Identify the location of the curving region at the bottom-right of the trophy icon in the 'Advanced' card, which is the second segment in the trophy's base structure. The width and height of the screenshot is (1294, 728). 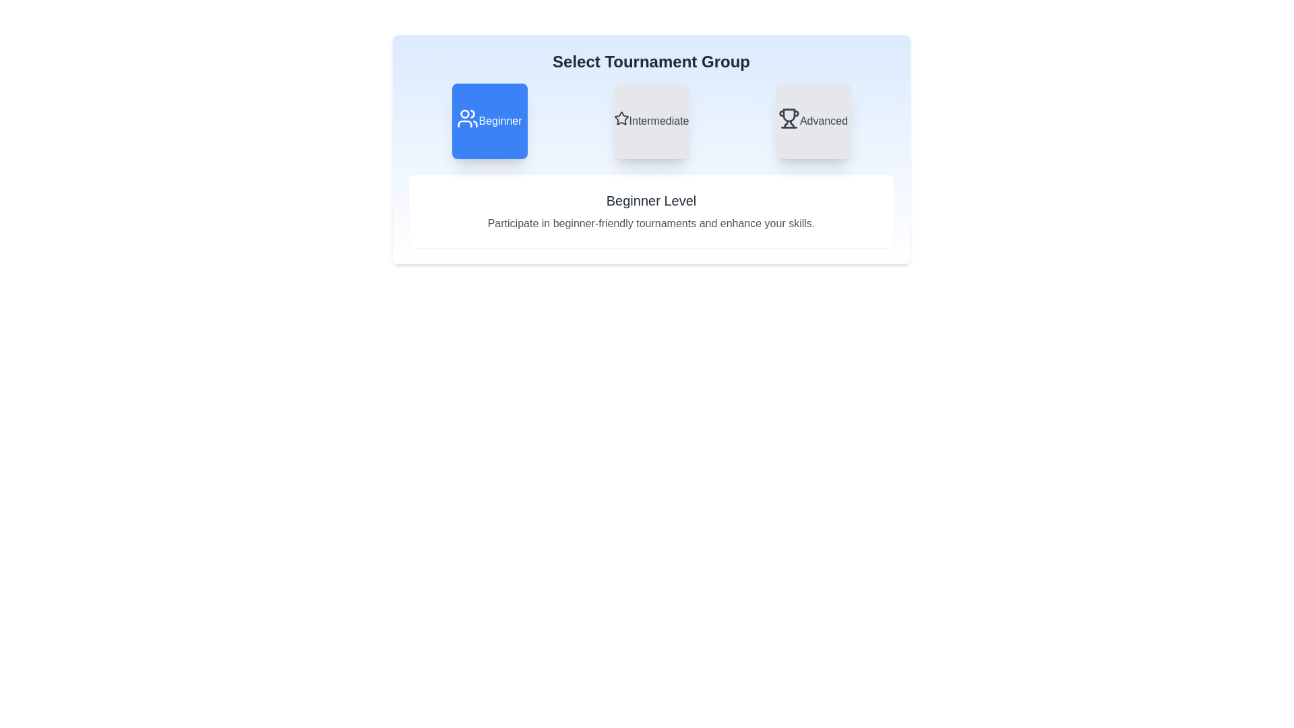
(792, 124).